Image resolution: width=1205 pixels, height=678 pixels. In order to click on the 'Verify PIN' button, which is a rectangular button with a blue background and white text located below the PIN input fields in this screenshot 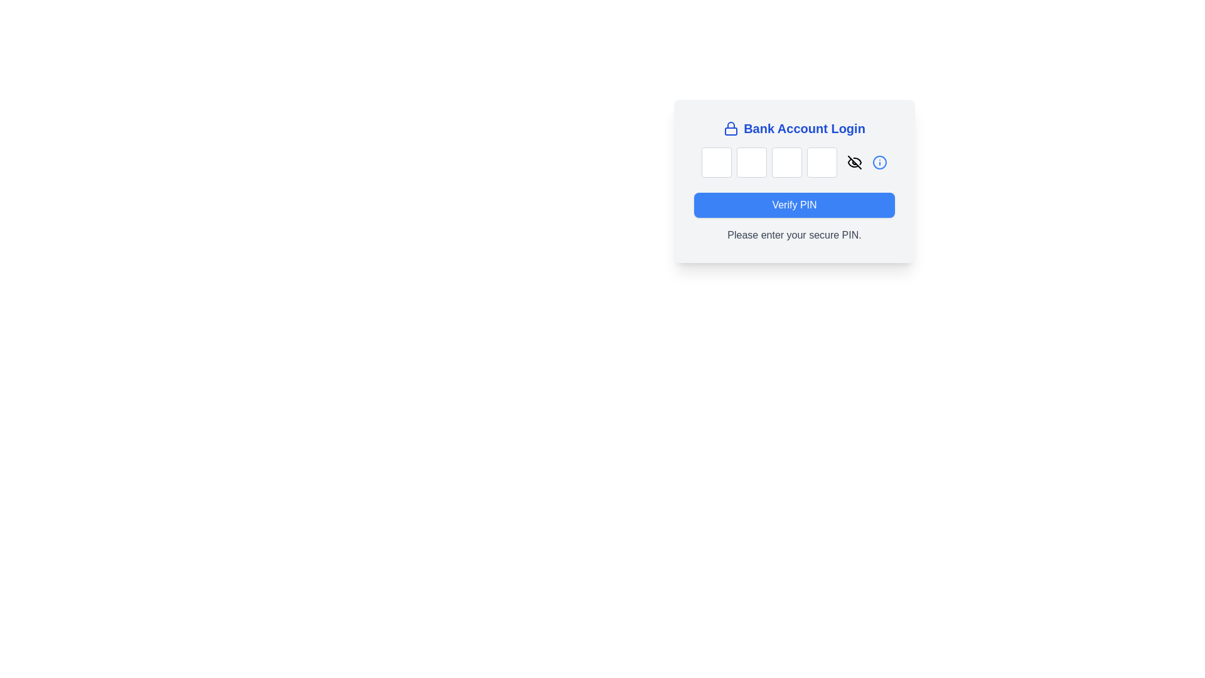, I will do `click(794, 205)`.